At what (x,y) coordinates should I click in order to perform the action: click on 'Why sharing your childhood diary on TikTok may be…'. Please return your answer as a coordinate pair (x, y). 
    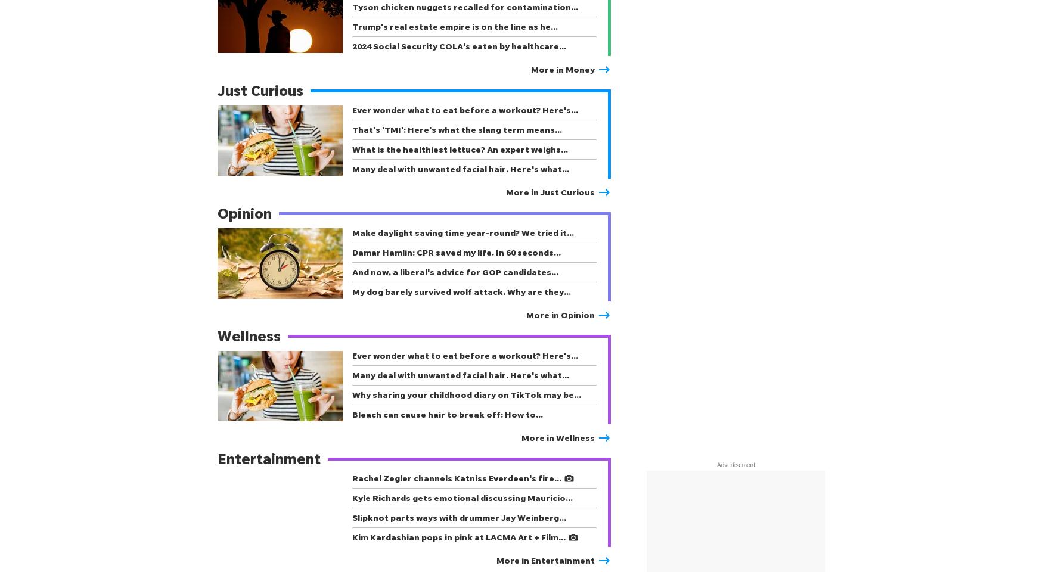
    Looking at the image, I should click on (352, 394).